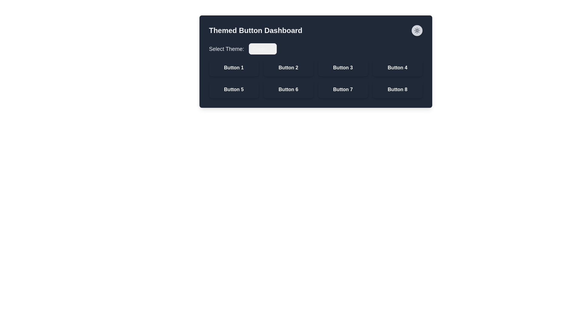 This screenshot has width=582, height=327. Describe the element at coordinates (233, 68) in the screenshot. I see `the 'Button 1' located in the top-left corner of a grid layout of buttons` at that location.